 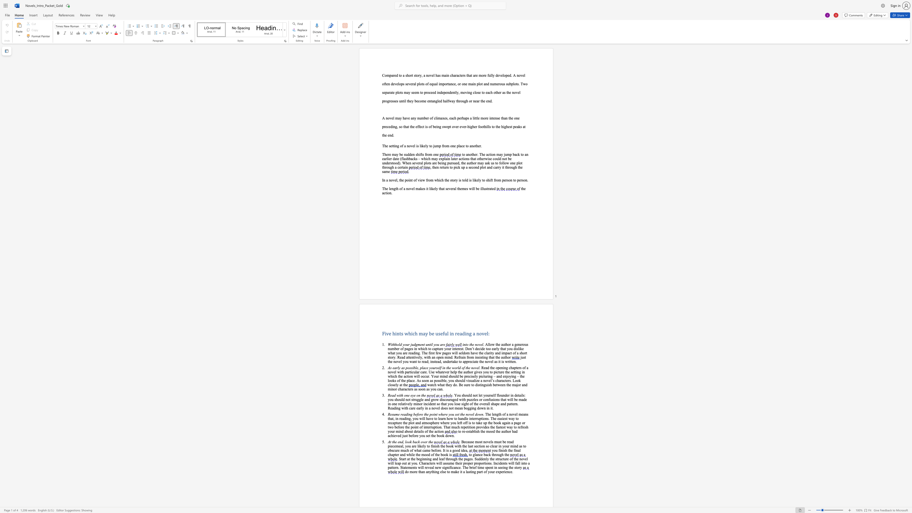 I want to click on the subset text "e reading befo" within the text "Resume reading before the point where you set the novel down", so click(x=398, y=414).